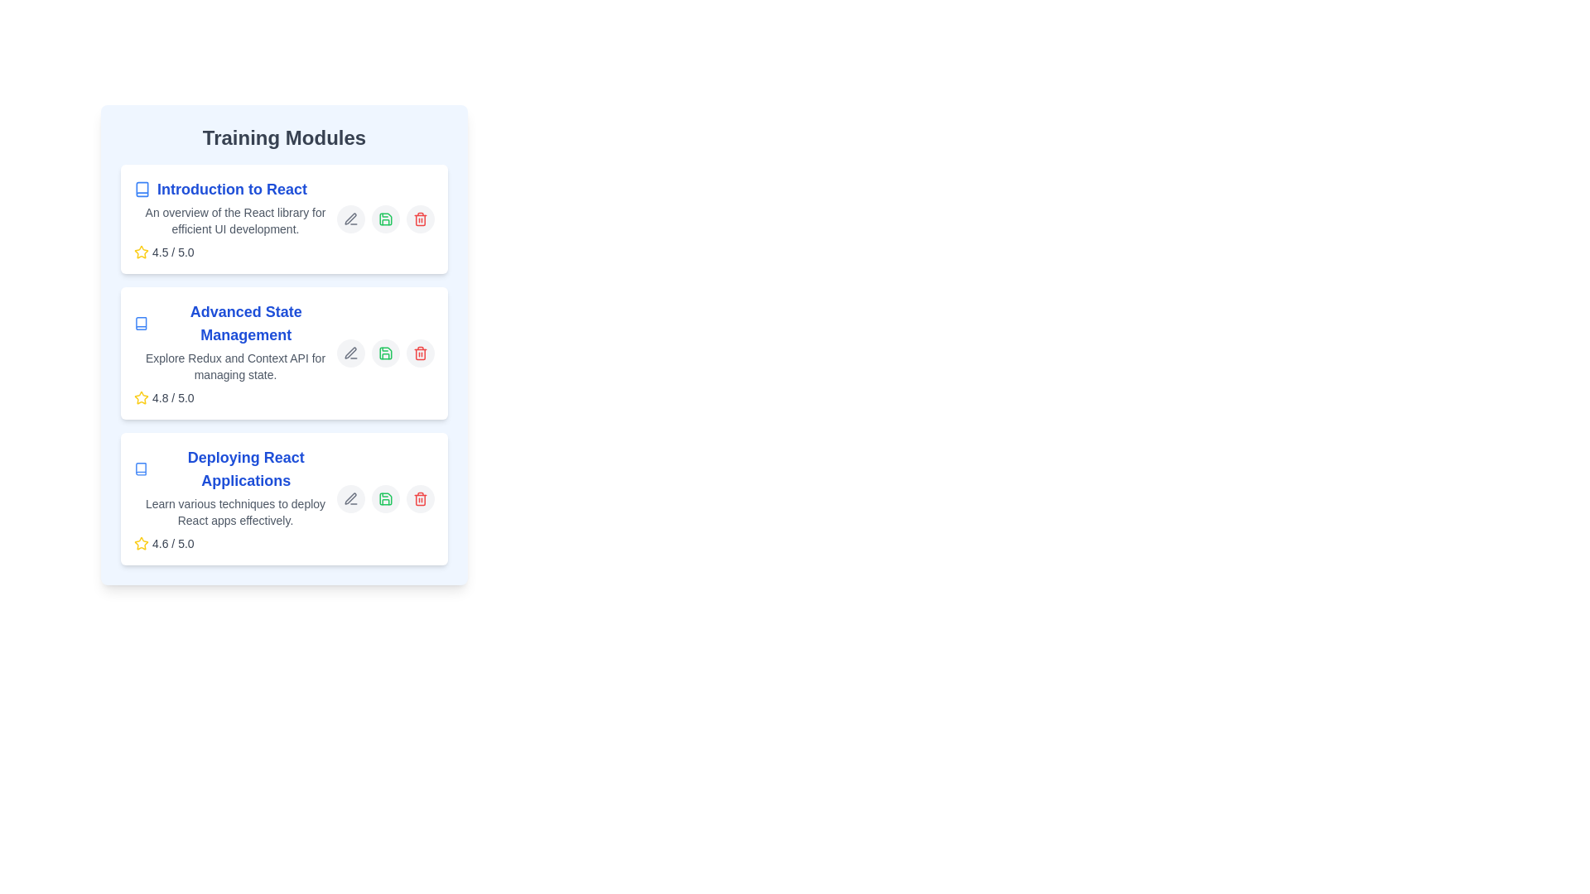  I want to click on the 'Advanced State Management' text element, which is styled with bold blue text and is the second item in the 'Training Modules' section, so click(234, 323).